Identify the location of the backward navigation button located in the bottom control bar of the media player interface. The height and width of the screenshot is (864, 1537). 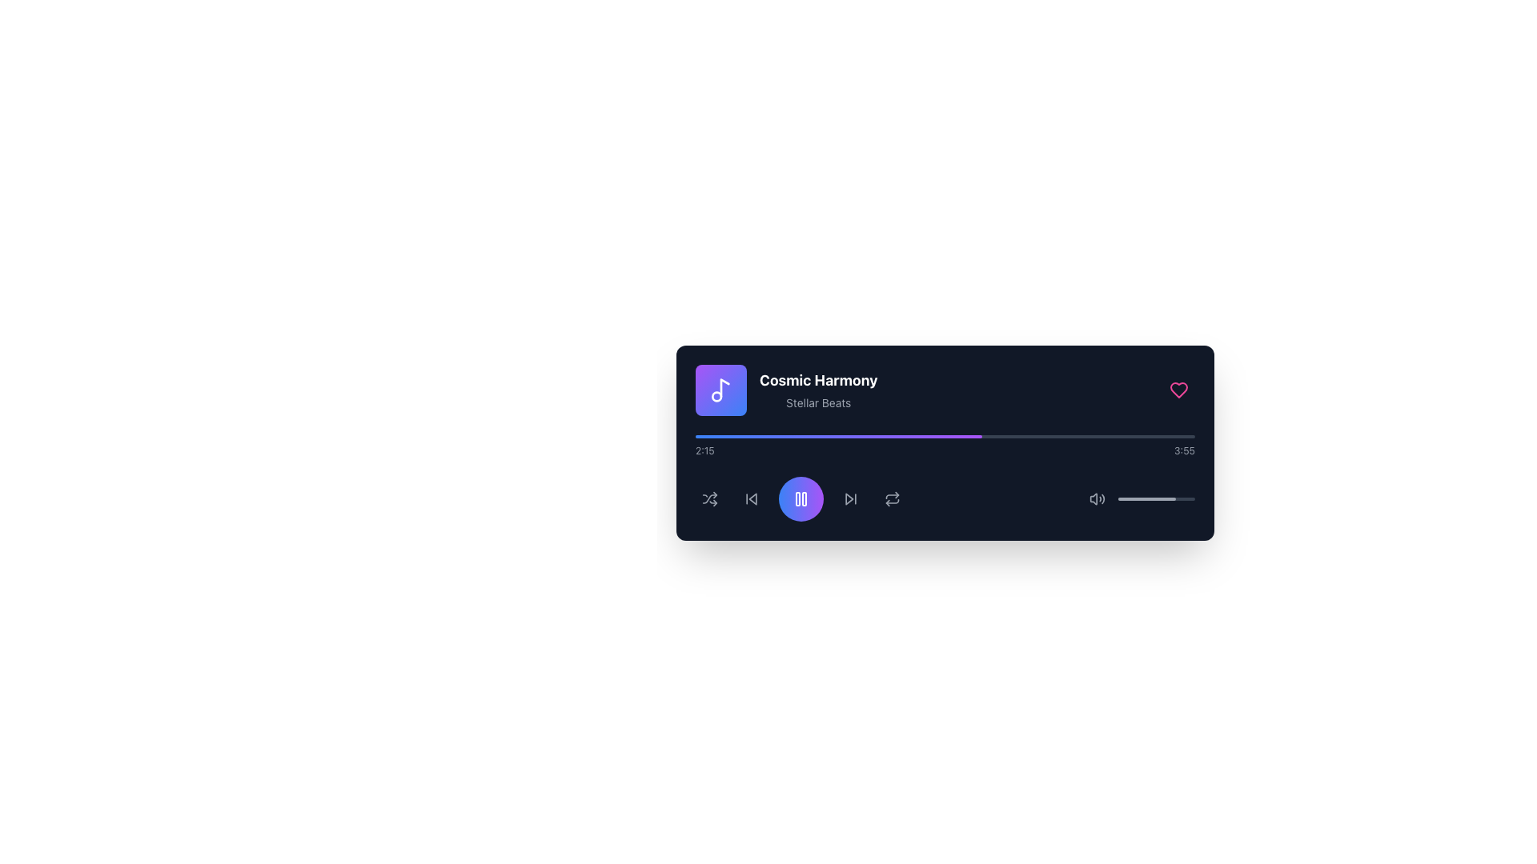
(751, 498).